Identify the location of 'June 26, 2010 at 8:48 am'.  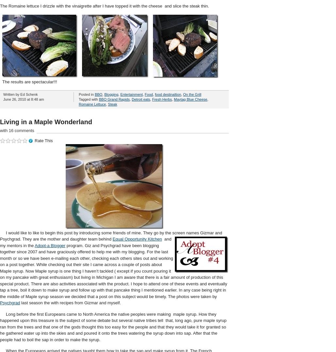
(23, 99).